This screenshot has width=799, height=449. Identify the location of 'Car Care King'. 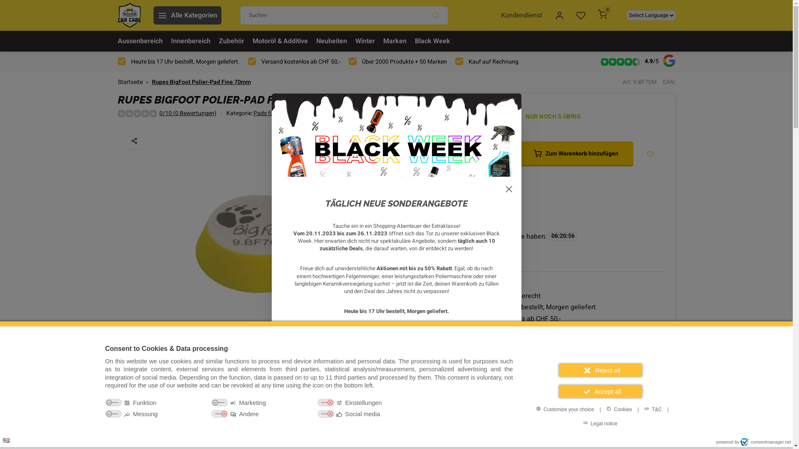
(129, 15).